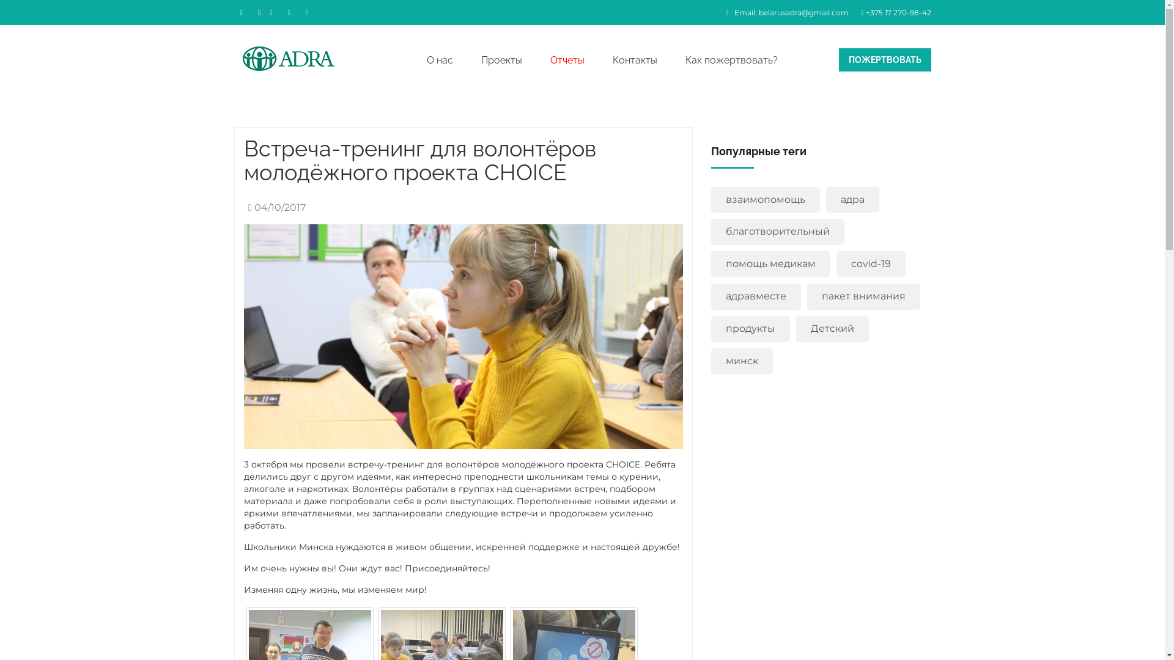 The height and width of the screenshot is (660, 1174). I want to click on 'covid-19', so click(836, 263).